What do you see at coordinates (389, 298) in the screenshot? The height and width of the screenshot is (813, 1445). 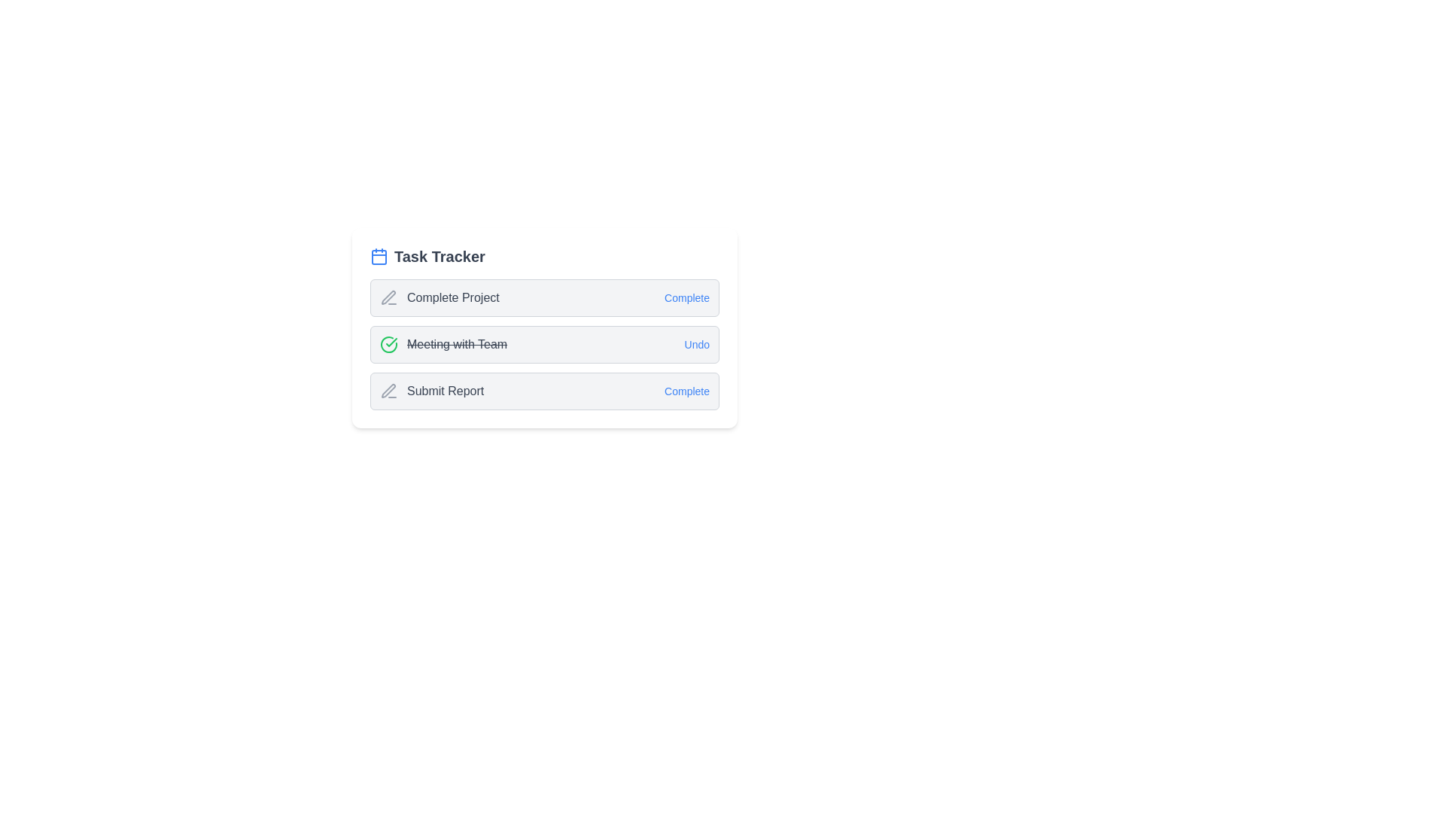 I see `the edit icon located to the left of the 'Complete Project' text under the 'Task Tracker' header` at bounding box center [389, 298].